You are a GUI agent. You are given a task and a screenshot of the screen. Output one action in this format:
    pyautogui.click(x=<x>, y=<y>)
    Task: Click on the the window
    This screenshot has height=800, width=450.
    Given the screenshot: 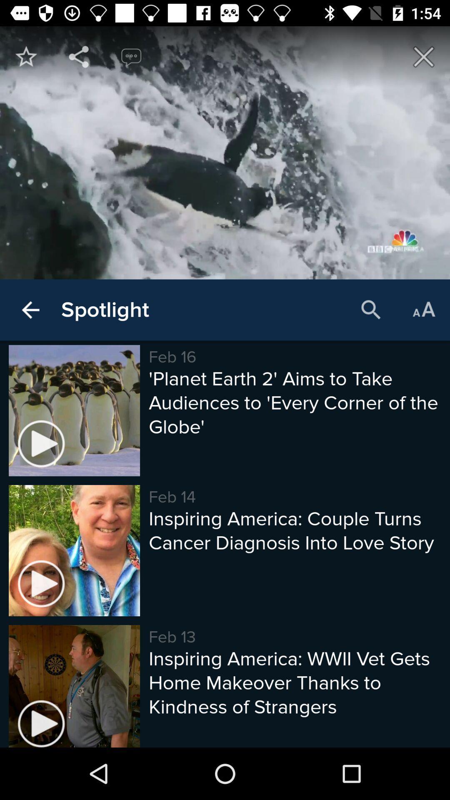 What is the action you would take?
    pyautogui.click(x=424, y=56)
    